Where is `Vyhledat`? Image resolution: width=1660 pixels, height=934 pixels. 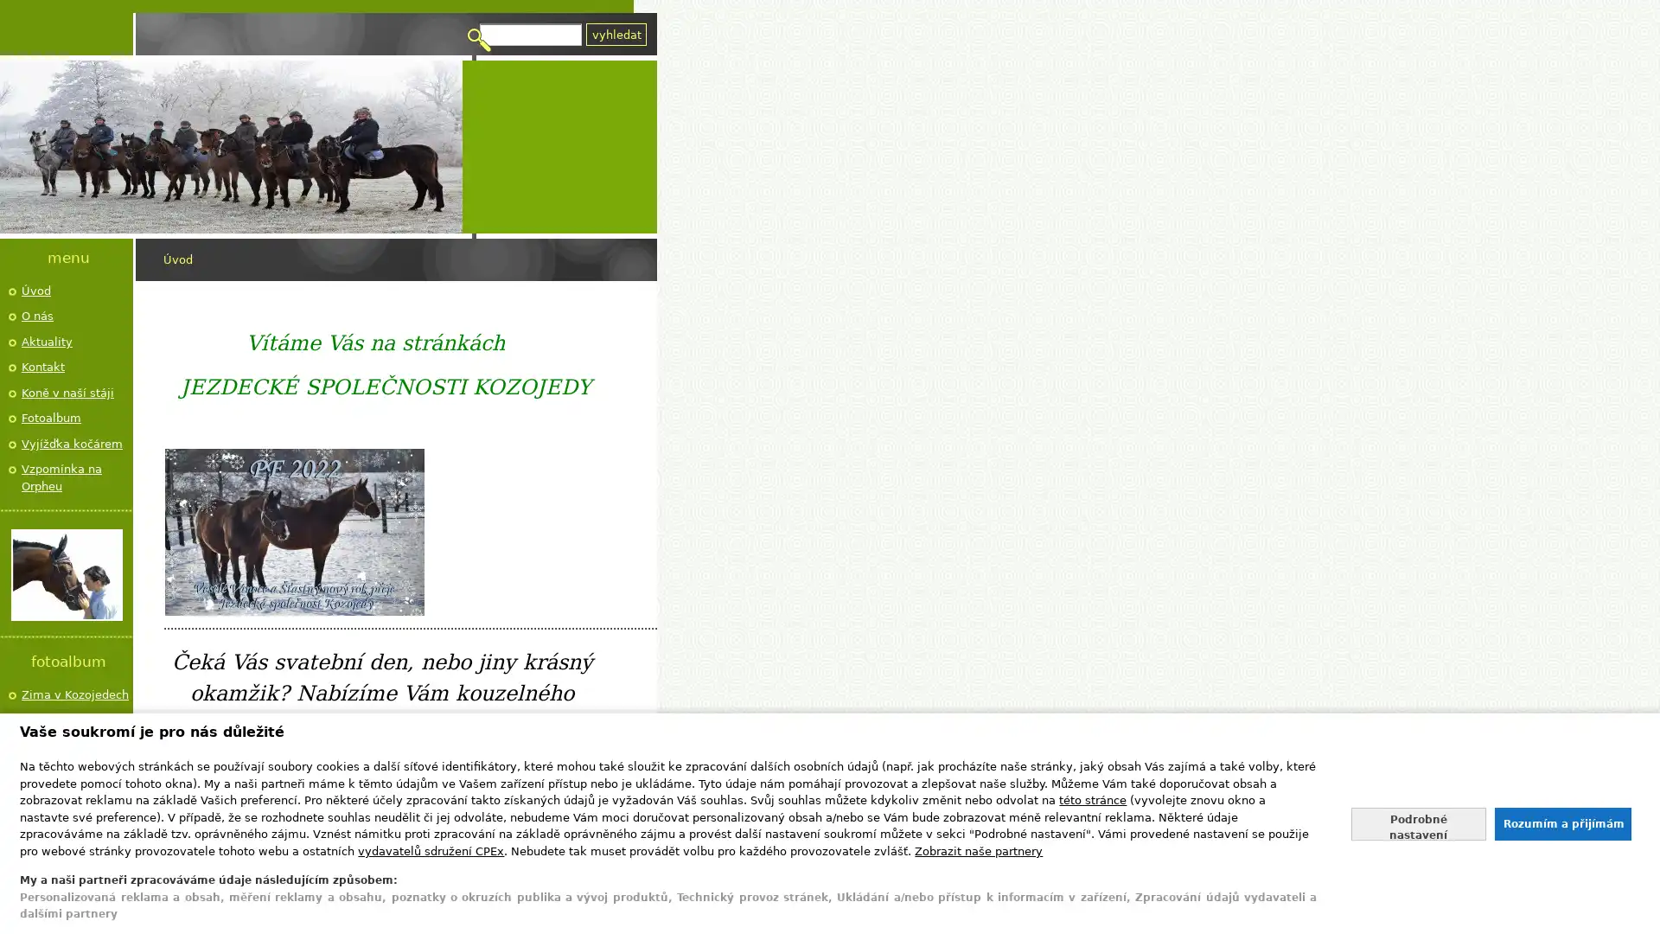
Vyhledat is located at coordinates (616, 34).